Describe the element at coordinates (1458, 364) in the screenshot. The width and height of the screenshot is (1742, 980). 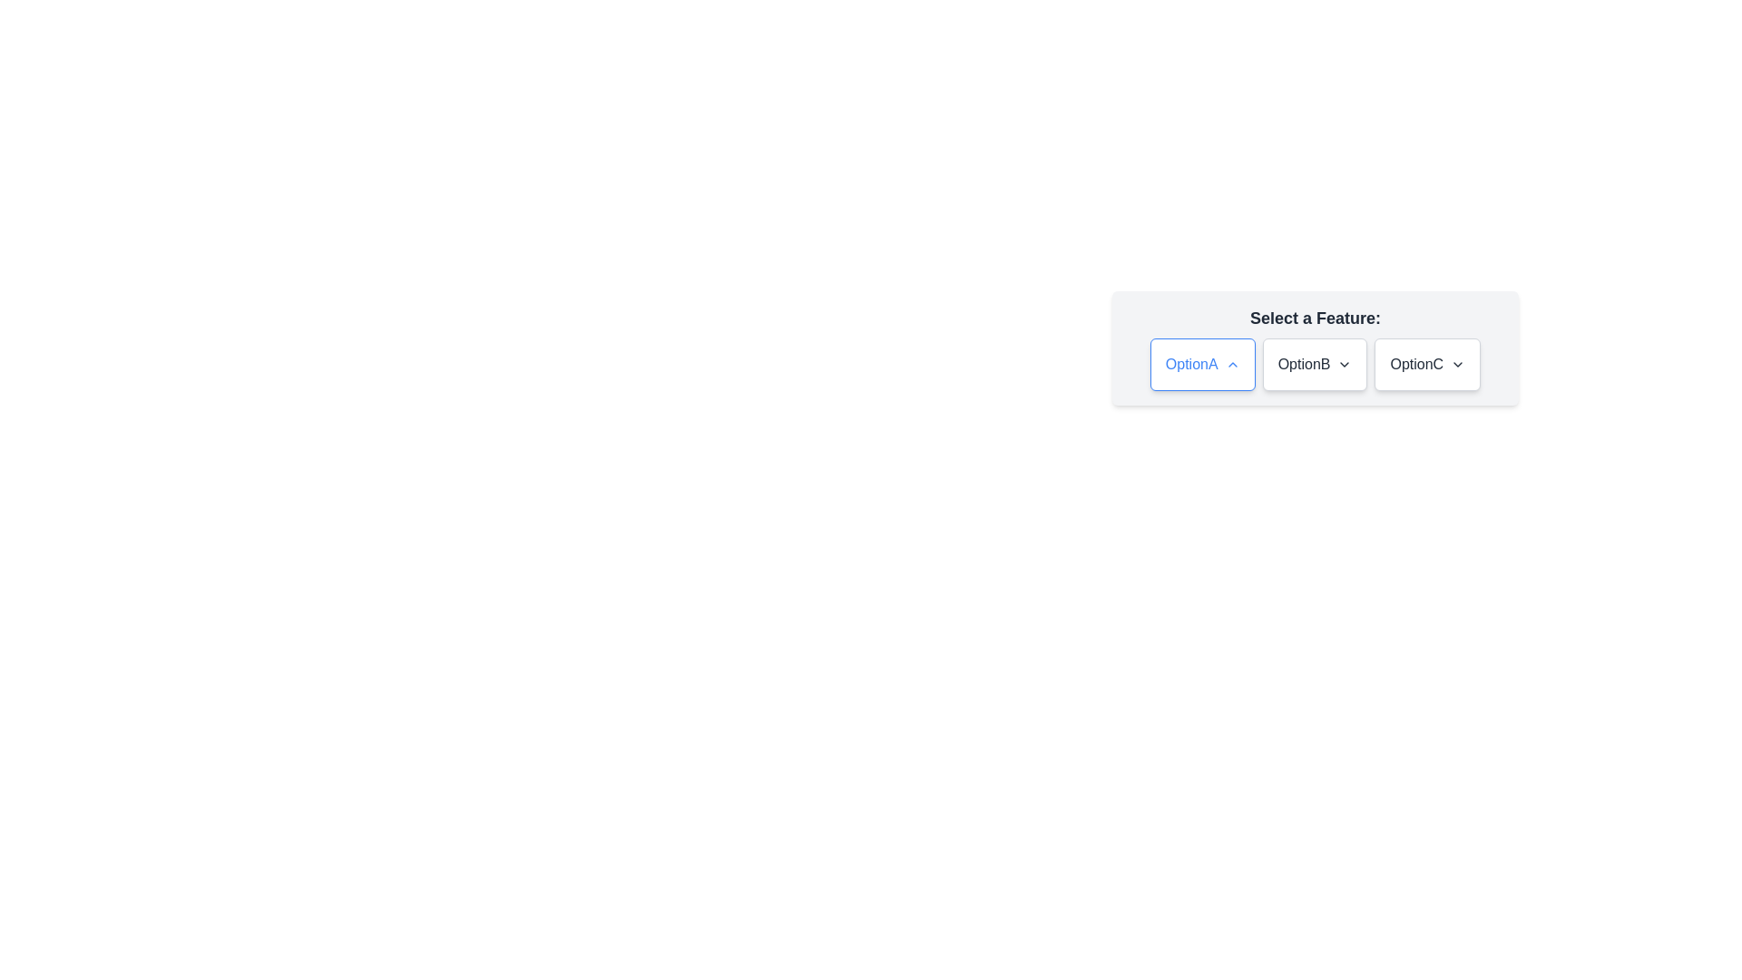
I see `the icon at the right end of the 'OptionC' button` at that location.